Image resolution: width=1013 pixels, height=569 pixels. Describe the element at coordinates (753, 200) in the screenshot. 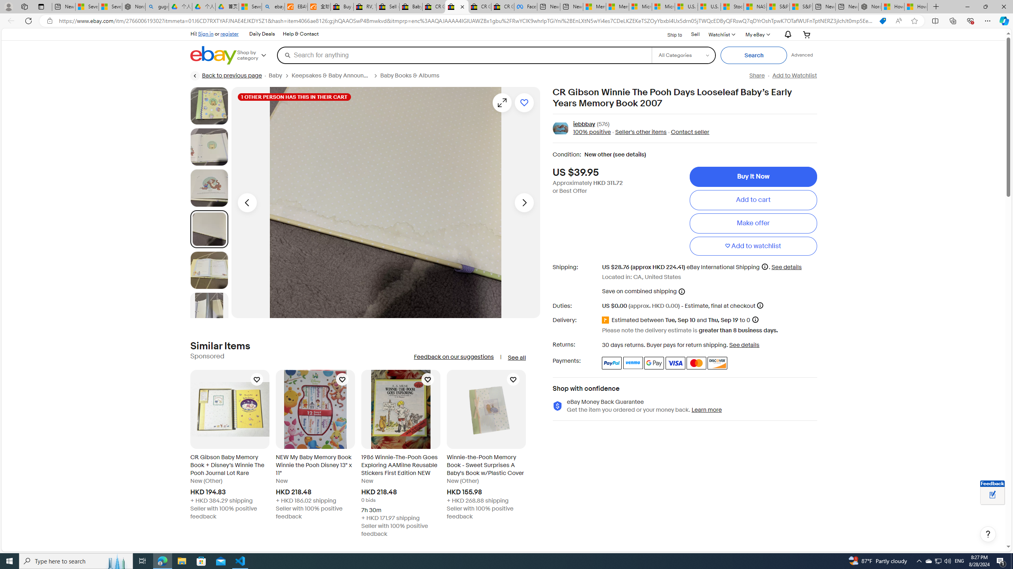

I see `'Add to cart'` at that location.